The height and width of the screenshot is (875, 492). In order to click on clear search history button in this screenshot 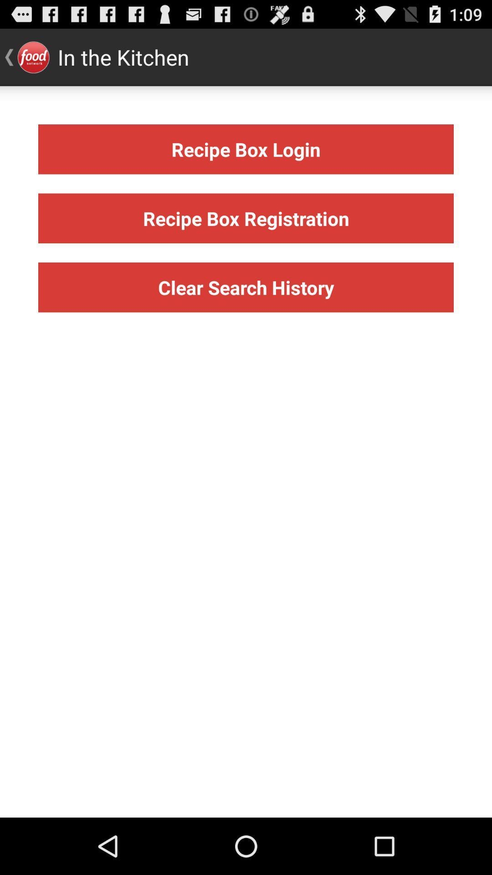, I will do `click(246, 287)`.